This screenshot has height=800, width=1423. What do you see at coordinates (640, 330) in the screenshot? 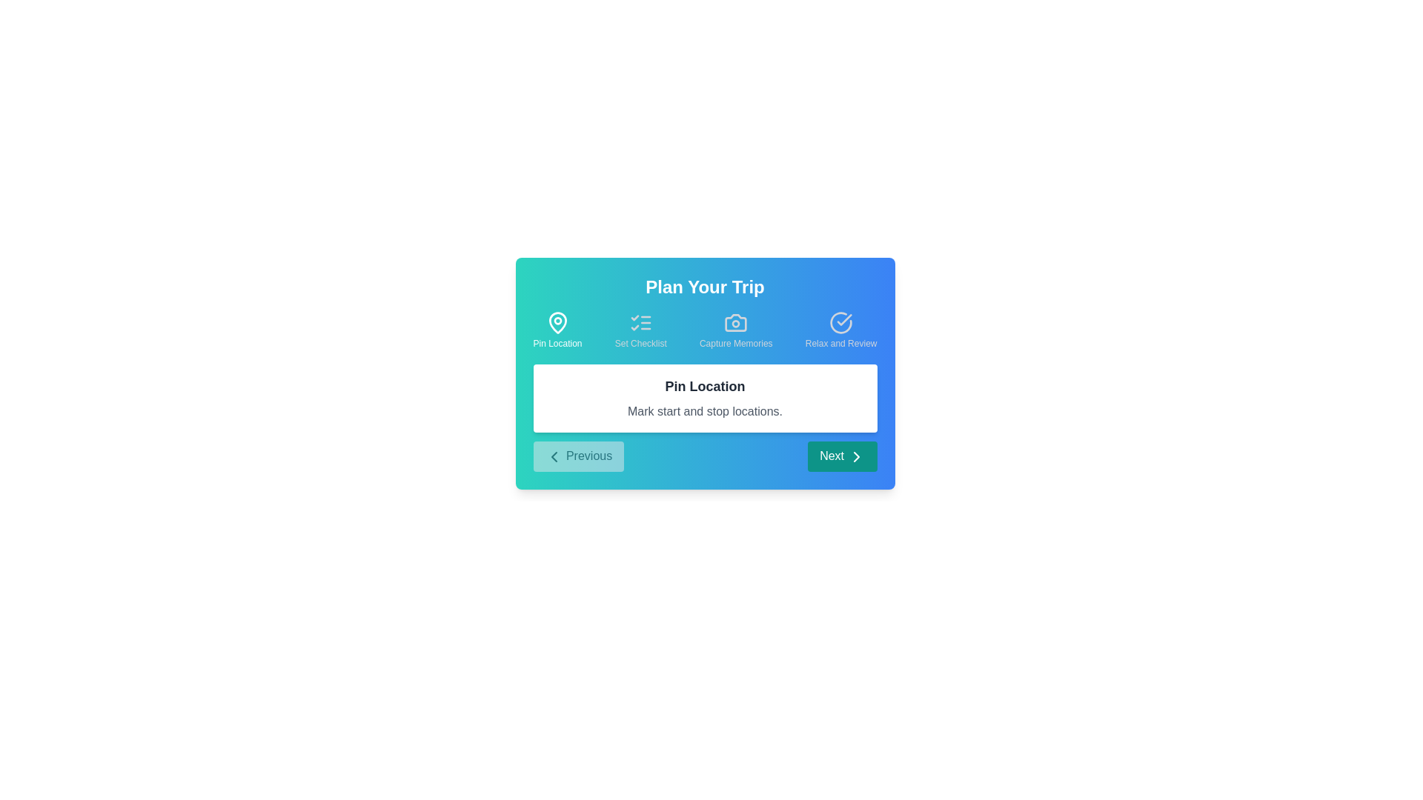
I see `the step icon corresponding to Set Checklist` at bounding box center [640, 330].